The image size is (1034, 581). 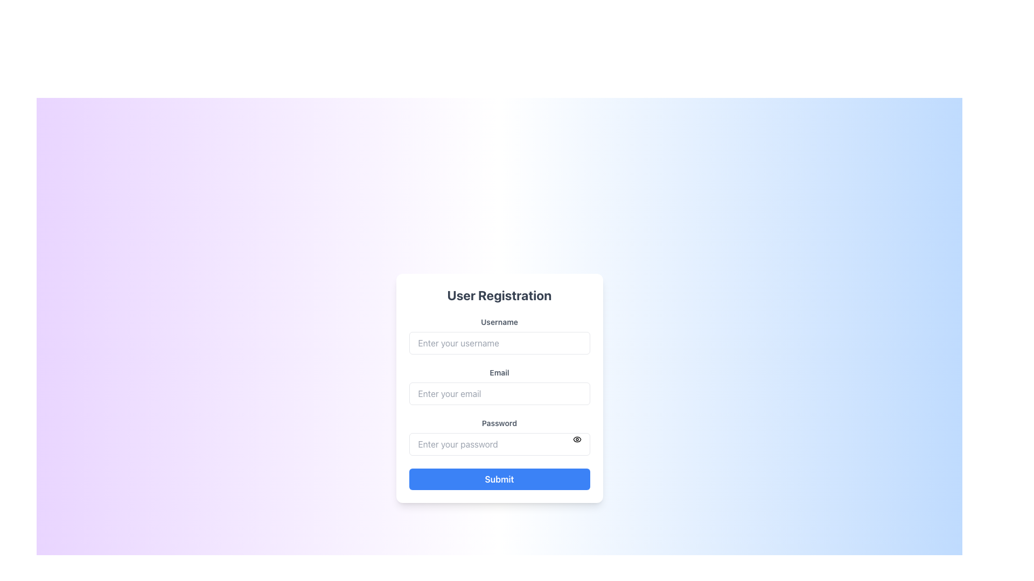 What do you see at coordinates (499, 295) in the screenshot?
I see `the Header or Title Text of the user registration form, which provides context to users about the form's purpose` at bounding box center [499, 295].